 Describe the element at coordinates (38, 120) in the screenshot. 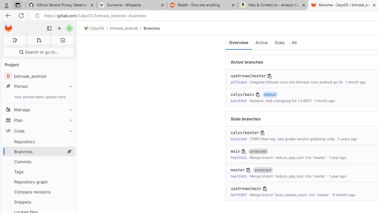

I see `'Plan'` at that location.